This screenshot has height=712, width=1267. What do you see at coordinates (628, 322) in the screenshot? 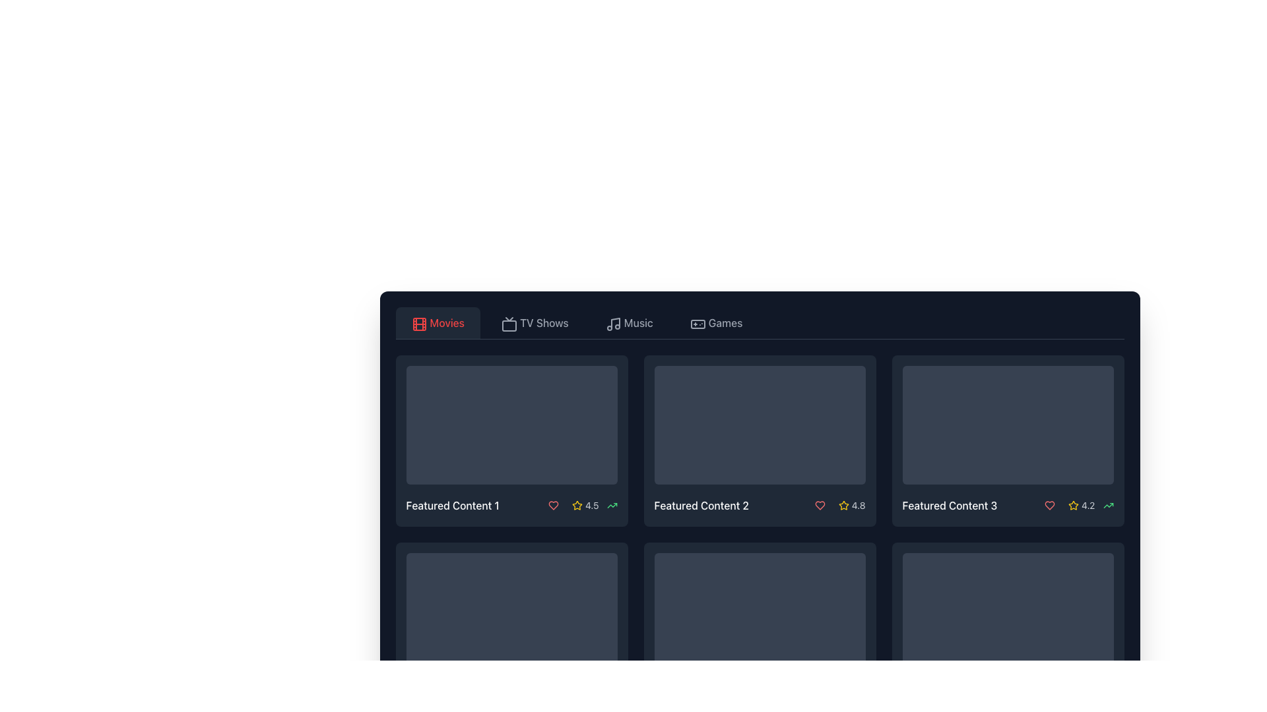
I see `the 'Music' navigation button located in the horizontal menu bar at the top of the interface, positioned between 'TV Shows' and 'Games', to change its appearance` at bounding box center [628, 322].